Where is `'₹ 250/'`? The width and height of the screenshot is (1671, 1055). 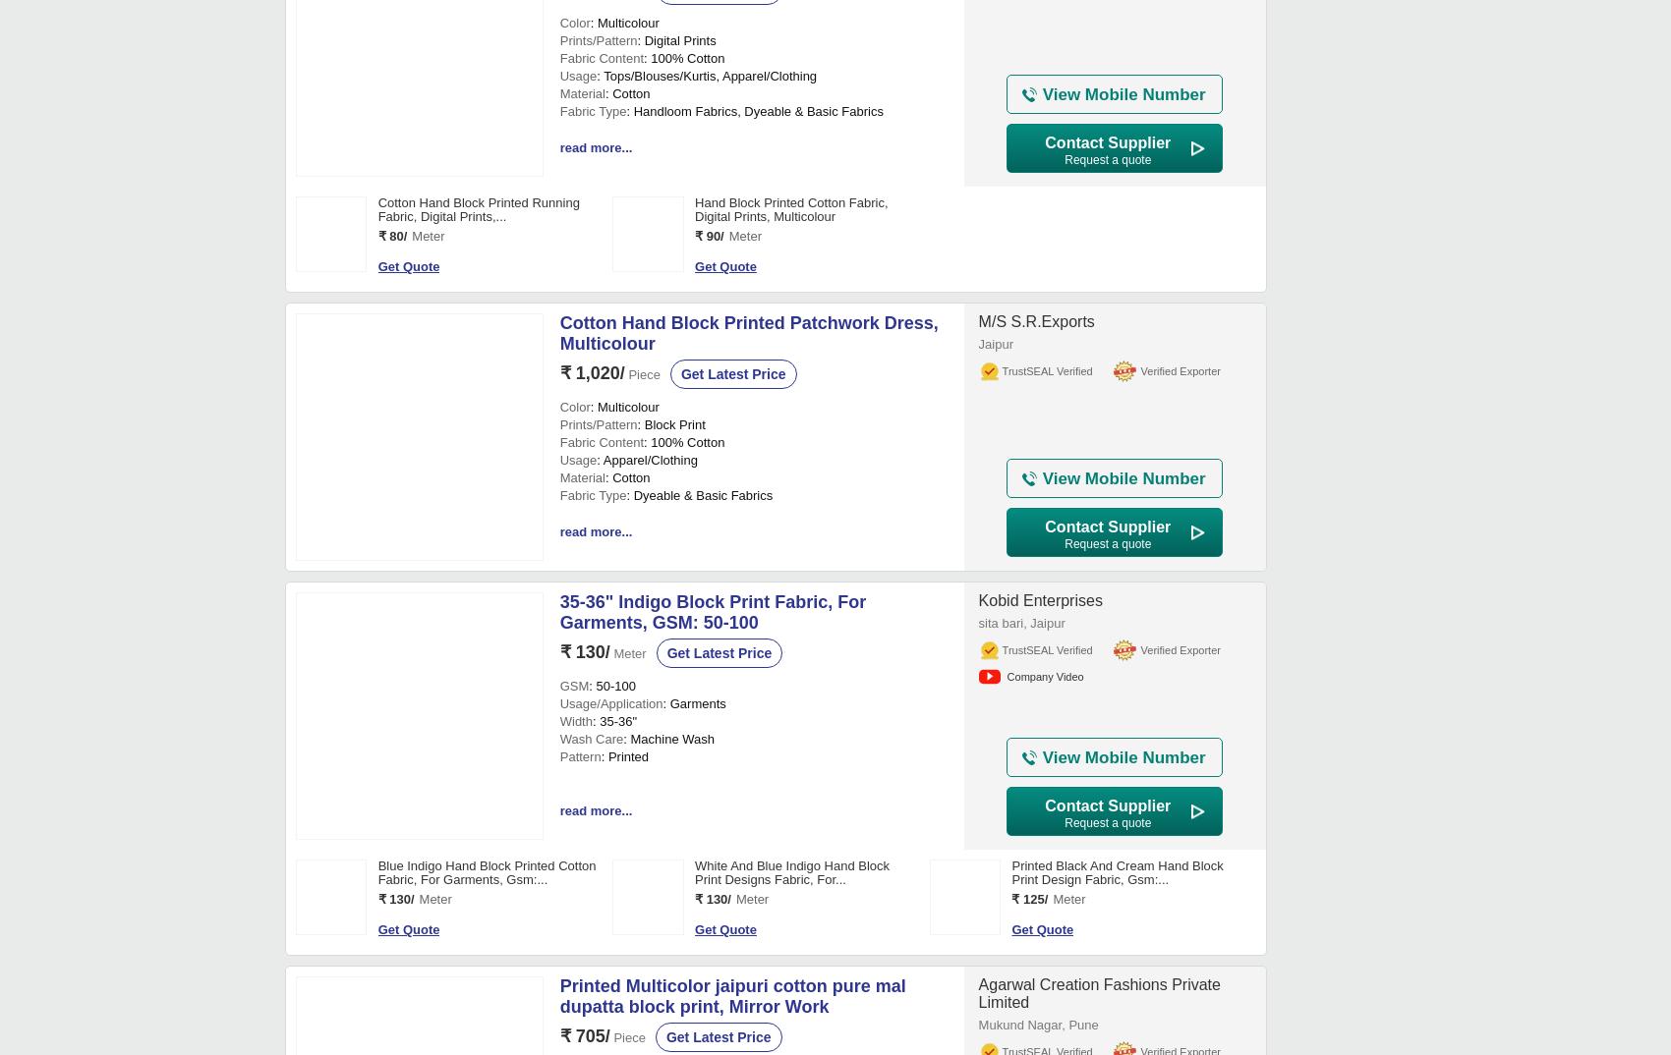 '₹ 250/' is located at coordinates (713, 453).